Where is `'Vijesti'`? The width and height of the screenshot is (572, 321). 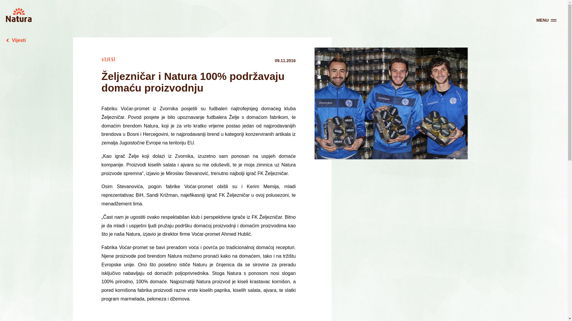 'Vijesti' is located at coordinates (6, 40).